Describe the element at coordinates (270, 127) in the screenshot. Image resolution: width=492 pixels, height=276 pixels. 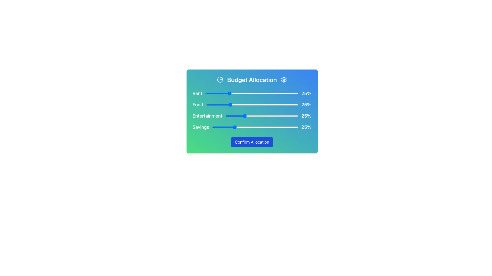
I see `the Savings slider` at that location.